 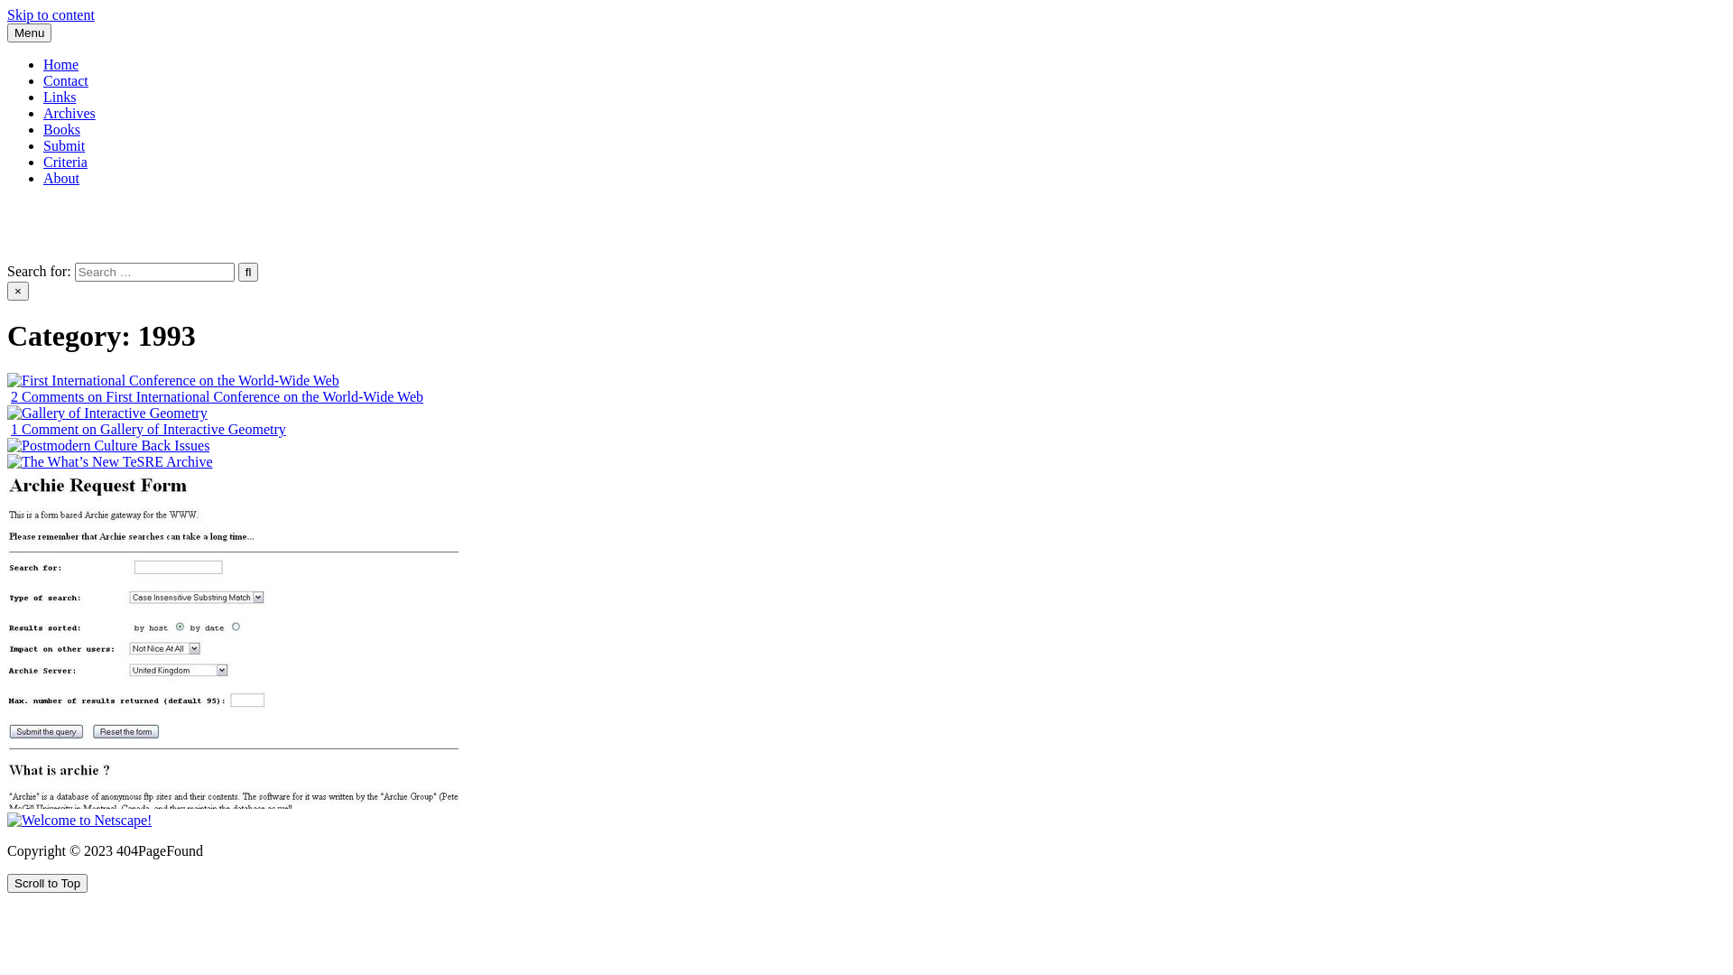 What do you see at coordinates (107, 413) in the screenshot?
I see `'Gallery of Interactive Geometry'` at bounding box center [107, 413].